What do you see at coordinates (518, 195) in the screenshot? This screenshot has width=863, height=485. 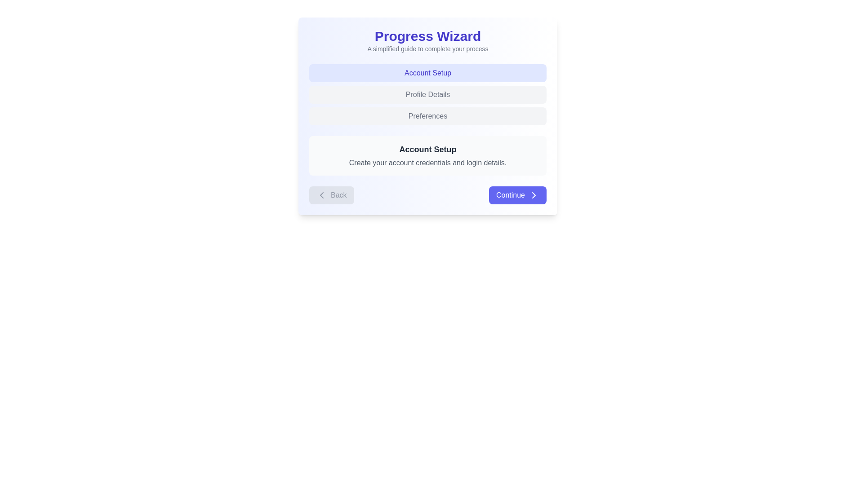 I see `the rightmost button in the bottom-right corner of the interactive card` at bounding box center [518, 195].